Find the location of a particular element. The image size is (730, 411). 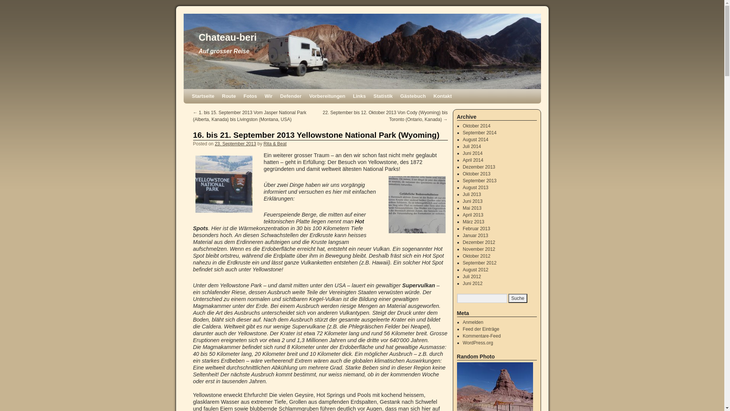

'Juli 2014' is located at coordinates (471, 147).